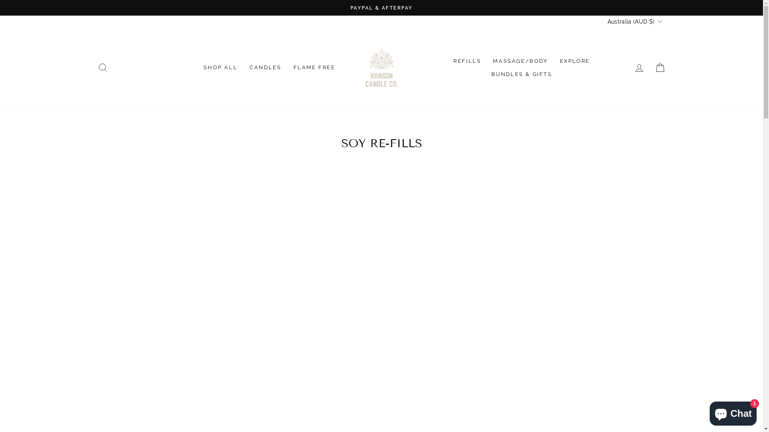 The width and height of the screenshot is (769, 432). What do you see at coordinates (521, 74) in the screenshot?
I see `'BUNDLES & GIFTS'` at bounding box center [521, 74].